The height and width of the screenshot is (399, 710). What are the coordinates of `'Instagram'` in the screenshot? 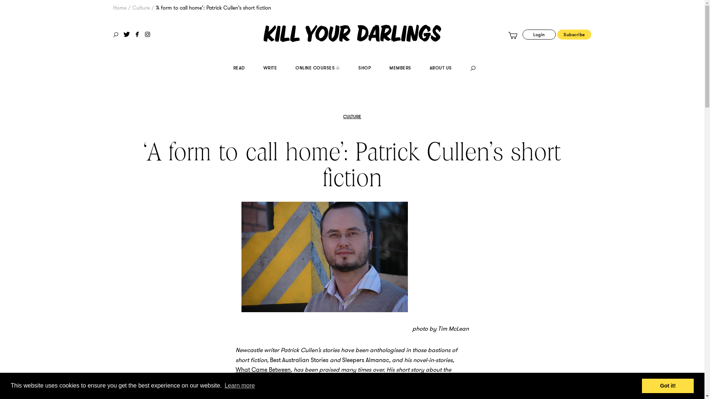 It's located at (147, 34).